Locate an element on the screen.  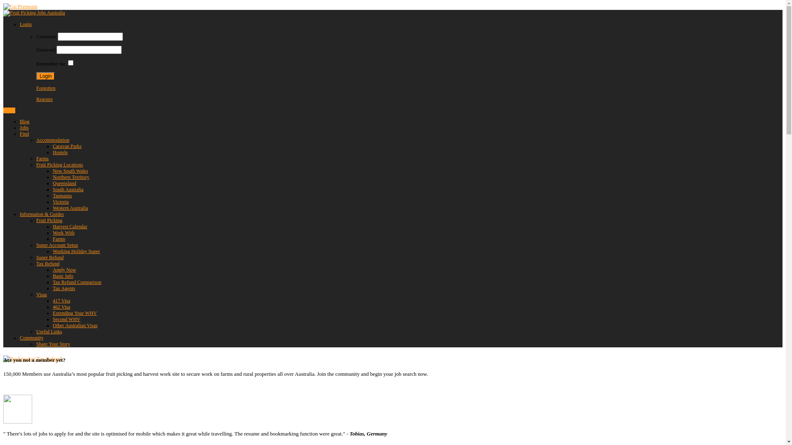
'Farms' is located at coordinates (35, 159).